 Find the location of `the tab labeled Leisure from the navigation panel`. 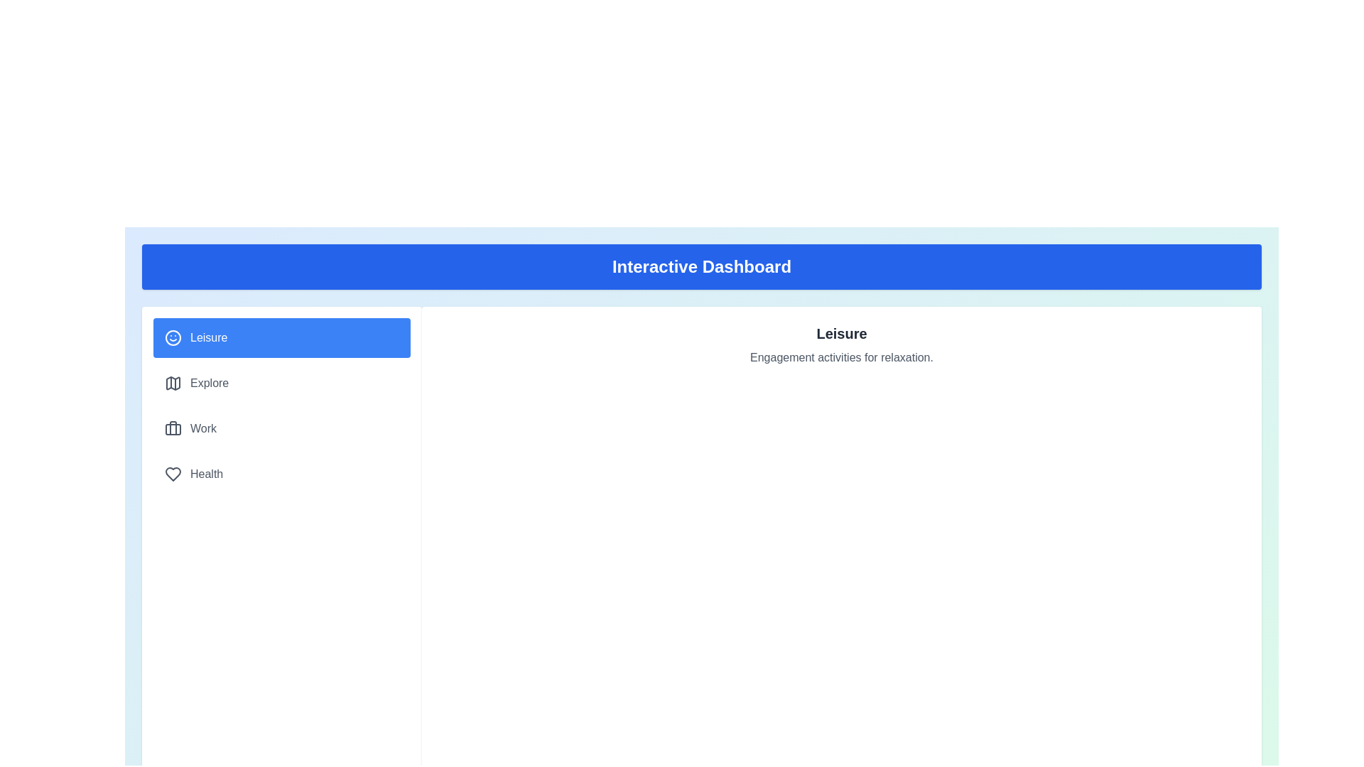

the tab labeled Leisure from the navigation panel is located at coordinates (282, 337).